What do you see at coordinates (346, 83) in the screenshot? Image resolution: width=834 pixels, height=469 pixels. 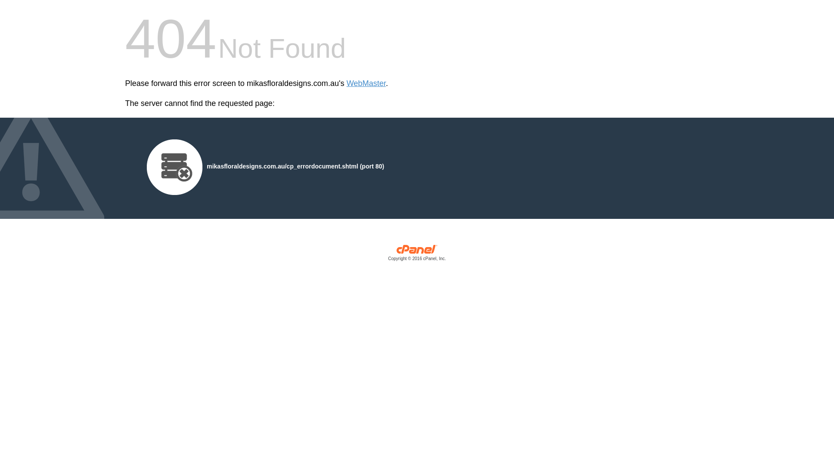 I see `'WebMaster'` at bounding box center [346, 83].